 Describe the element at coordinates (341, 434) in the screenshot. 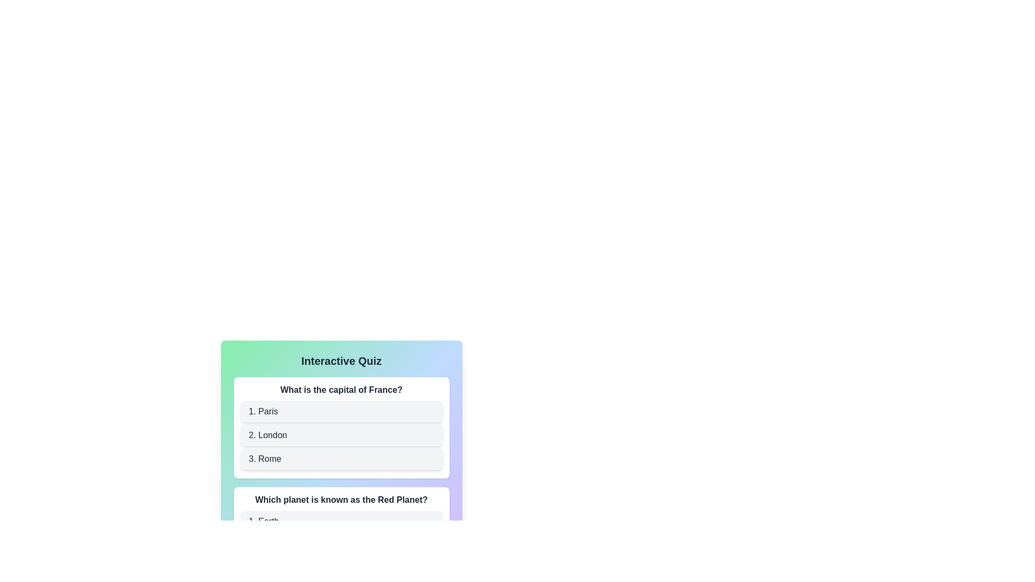

I see `the interactive list item option for the quiz question 'What is the capital of France?'` at that location.